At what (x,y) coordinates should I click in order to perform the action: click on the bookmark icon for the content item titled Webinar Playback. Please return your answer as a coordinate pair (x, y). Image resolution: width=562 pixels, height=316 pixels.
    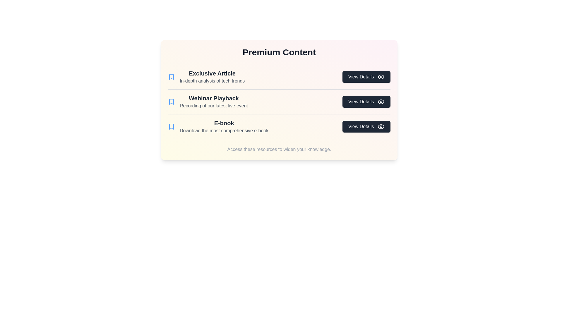
    Looking at the image, I should click on (171, 101).